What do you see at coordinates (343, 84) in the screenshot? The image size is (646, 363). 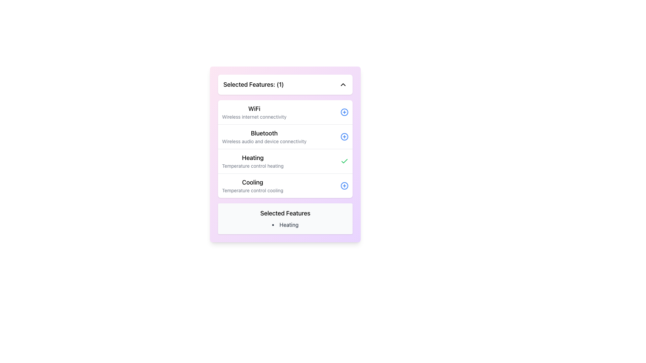 I see `the chevron icon located at the top-right corner of the 'Selected Features: (1)' section` at bounding box center [343, 84].